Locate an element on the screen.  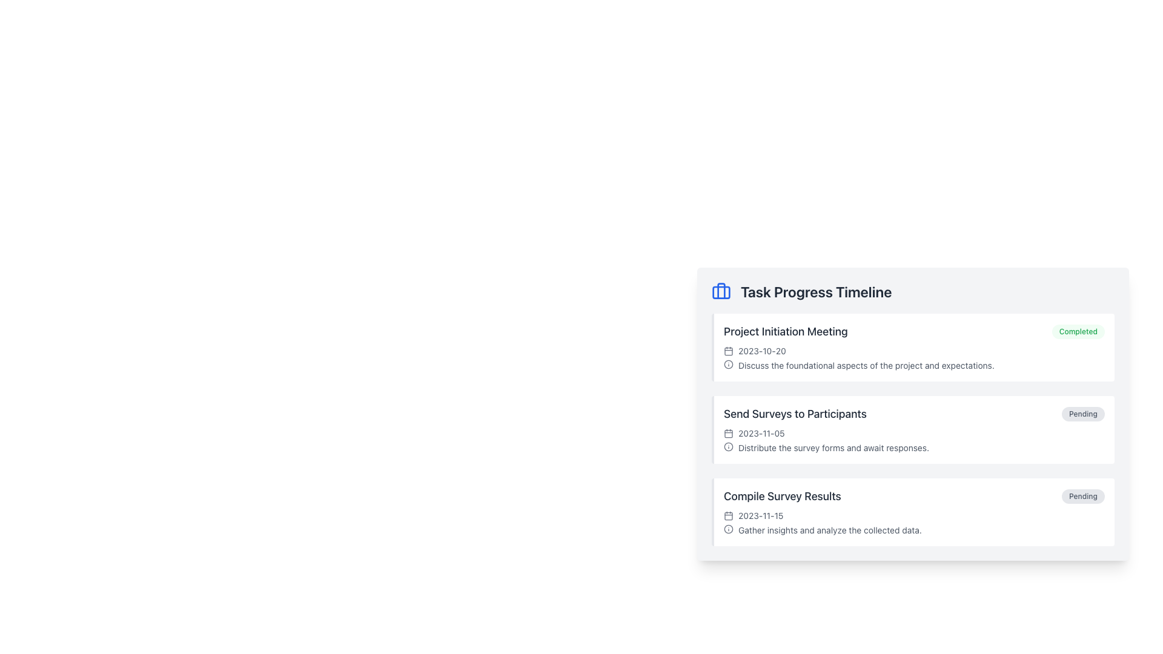
the Information Icon located at the beginning of the text under the 'Project Initiation Meeting' section in the 'Task Progress Timeline' widget is located at coordinates (728, 363).